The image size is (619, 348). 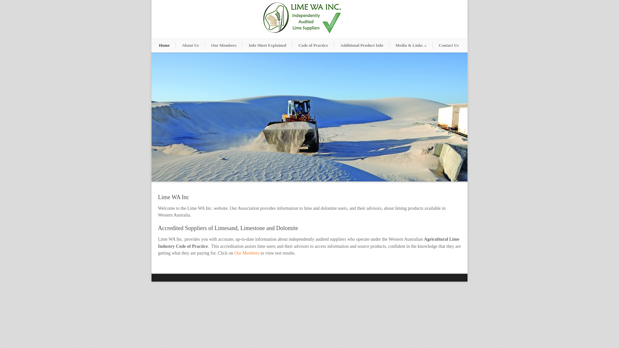 What do you see at coordinates (267, 45) in the screenshot?
I see `'Info Sheet Explained'` at bounding box center [267, 45].